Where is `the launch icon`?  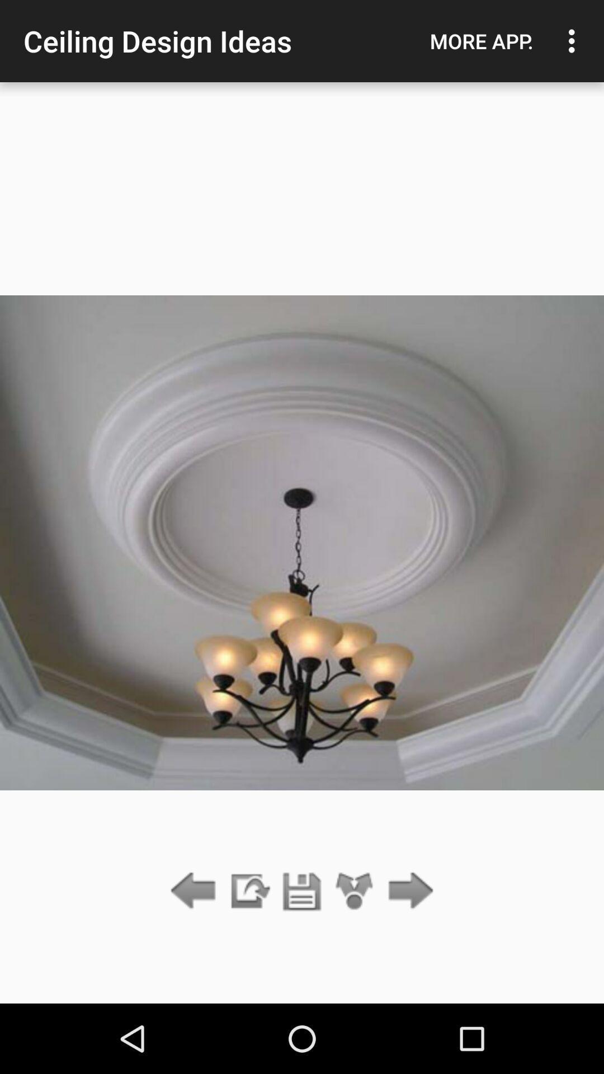 the launch icon is located at coordinates (248, 891).